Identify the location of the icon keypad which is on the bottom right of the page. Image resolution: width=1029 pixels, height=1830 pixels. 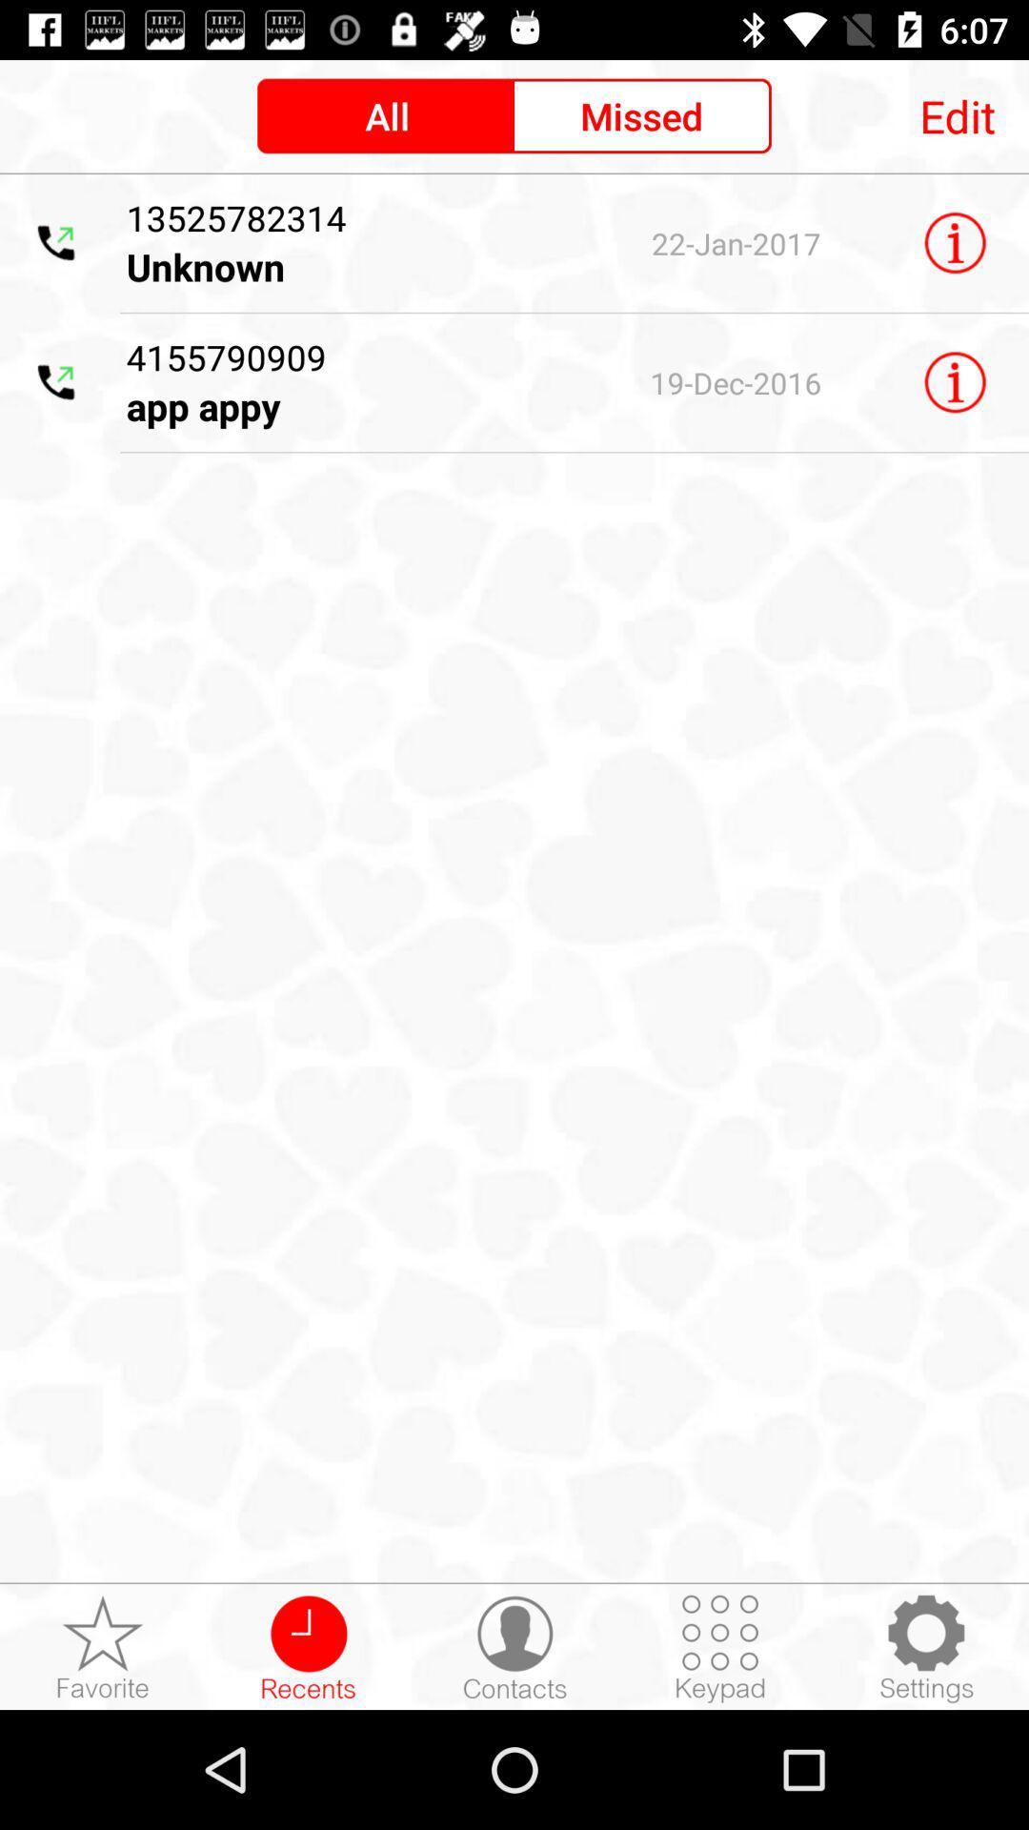
(720, 1647).